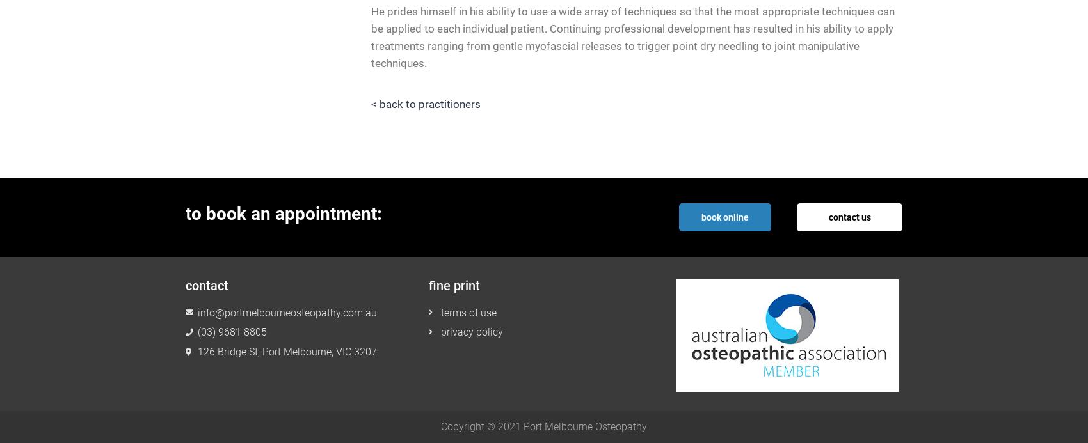 Image resolution: width=1088 pixels, height=443 pixels. Describe the element at coordinates (725, 217) in the screenshot. I see `'book online'` at that location.